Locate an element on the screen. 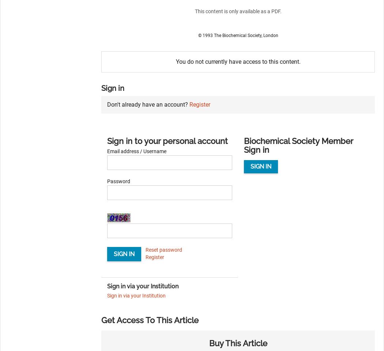 This screenshot has width=384, height=351. 'You do not currently have access to this content.' is located at coordinates (237, 61).